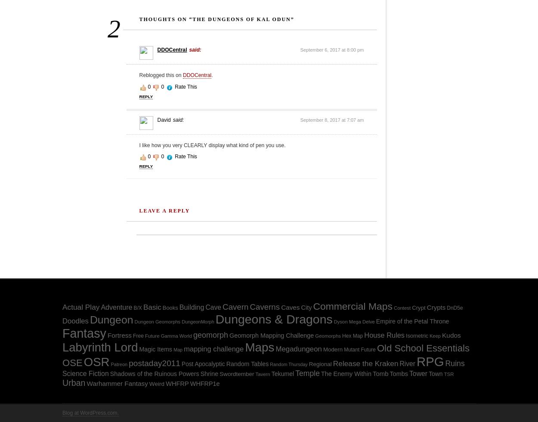 The height and width of the screenshot is (422, 538). Describe the element at coordinates (137, 308) in the screenshot. I see `'B/X'` at that location.